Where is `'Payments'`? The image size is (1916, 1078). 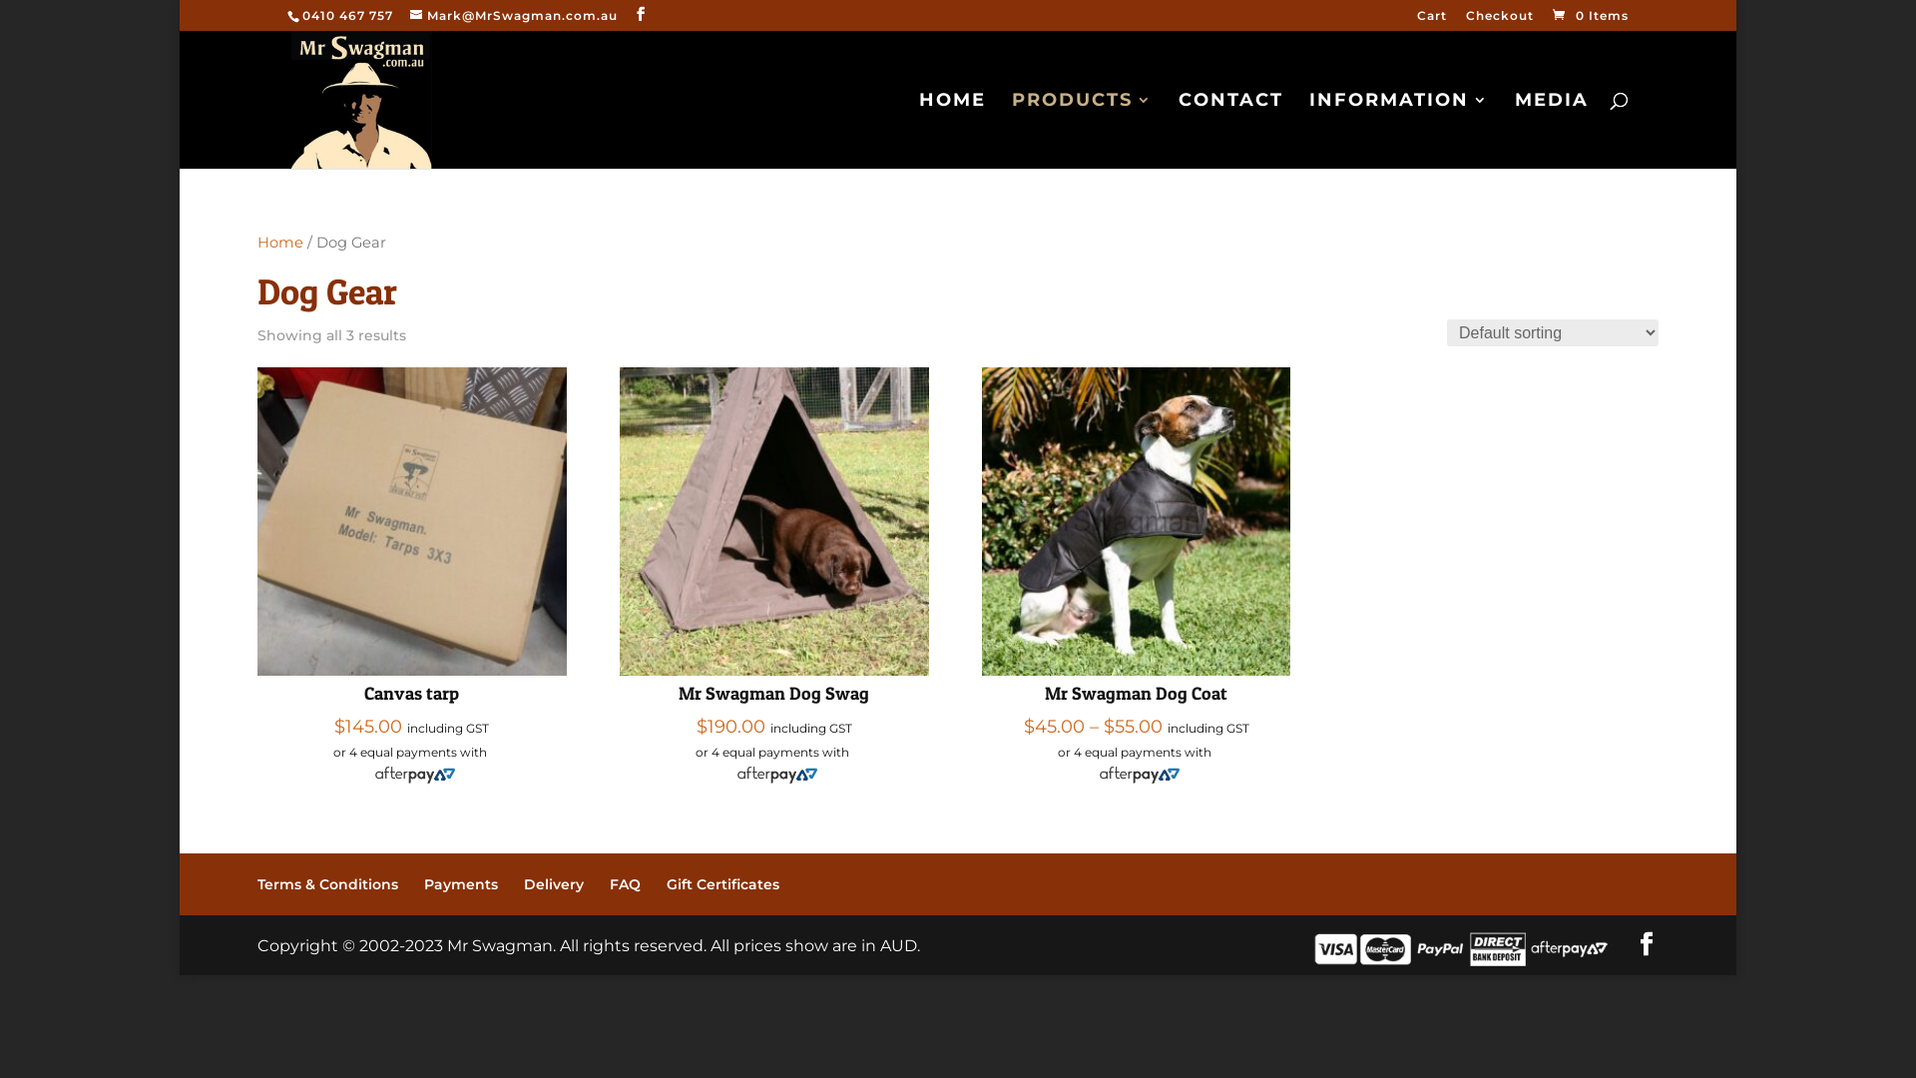 'Payments' is located at coordinates (459, 883).